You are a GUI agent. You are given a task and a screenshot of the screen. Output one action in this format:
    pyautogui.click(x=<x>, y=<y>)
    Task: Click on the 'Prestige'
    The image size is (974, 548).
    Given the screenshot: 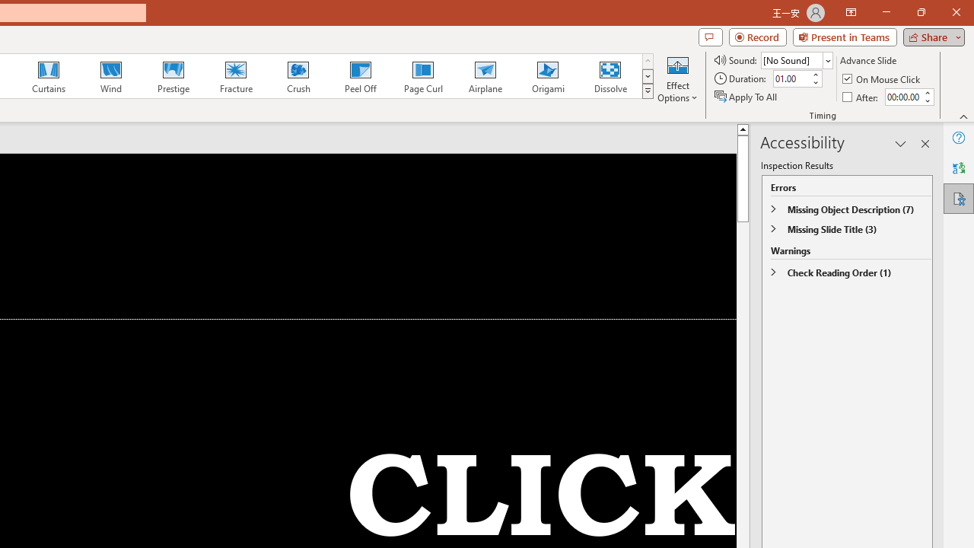 What is the action you would take?
    pyautogui.click(x=173, y=76)
    